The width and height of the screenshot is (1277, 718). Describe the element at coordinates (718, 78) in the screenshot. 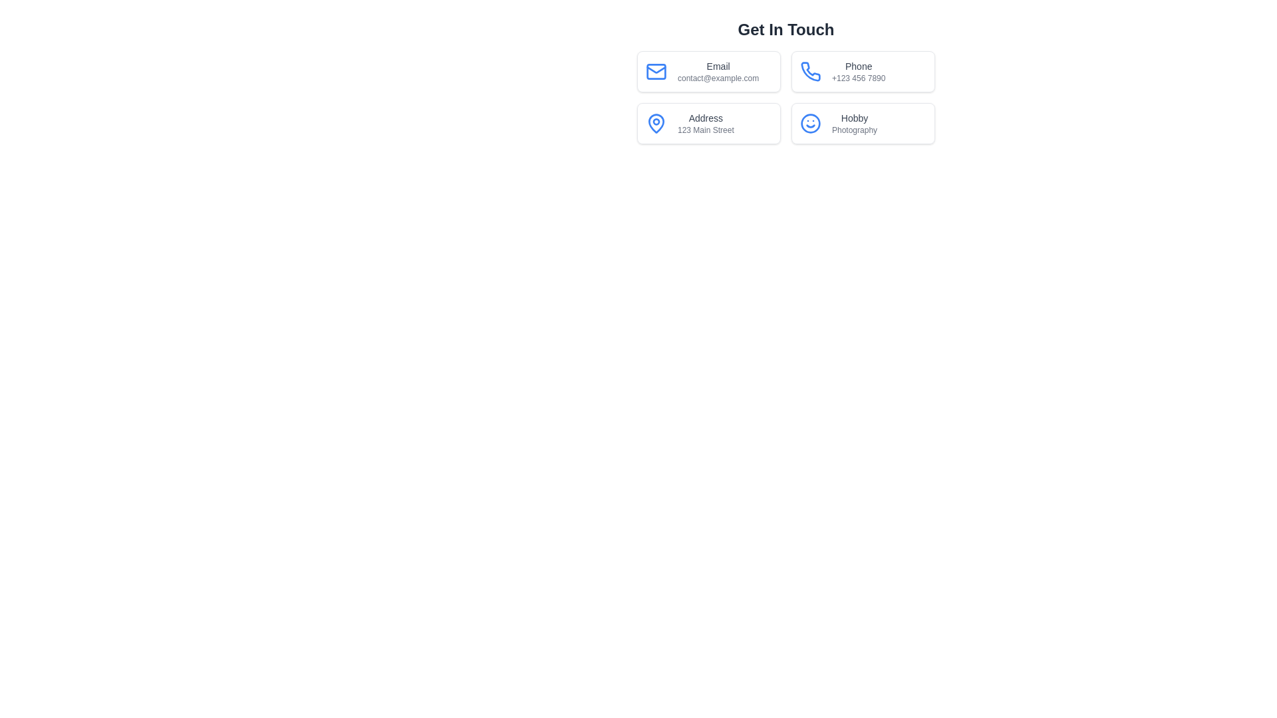

I see `the text label displaying the email address 'contact@example.com' which is styled in gray font and positioned below the 'Email' label` at that location.